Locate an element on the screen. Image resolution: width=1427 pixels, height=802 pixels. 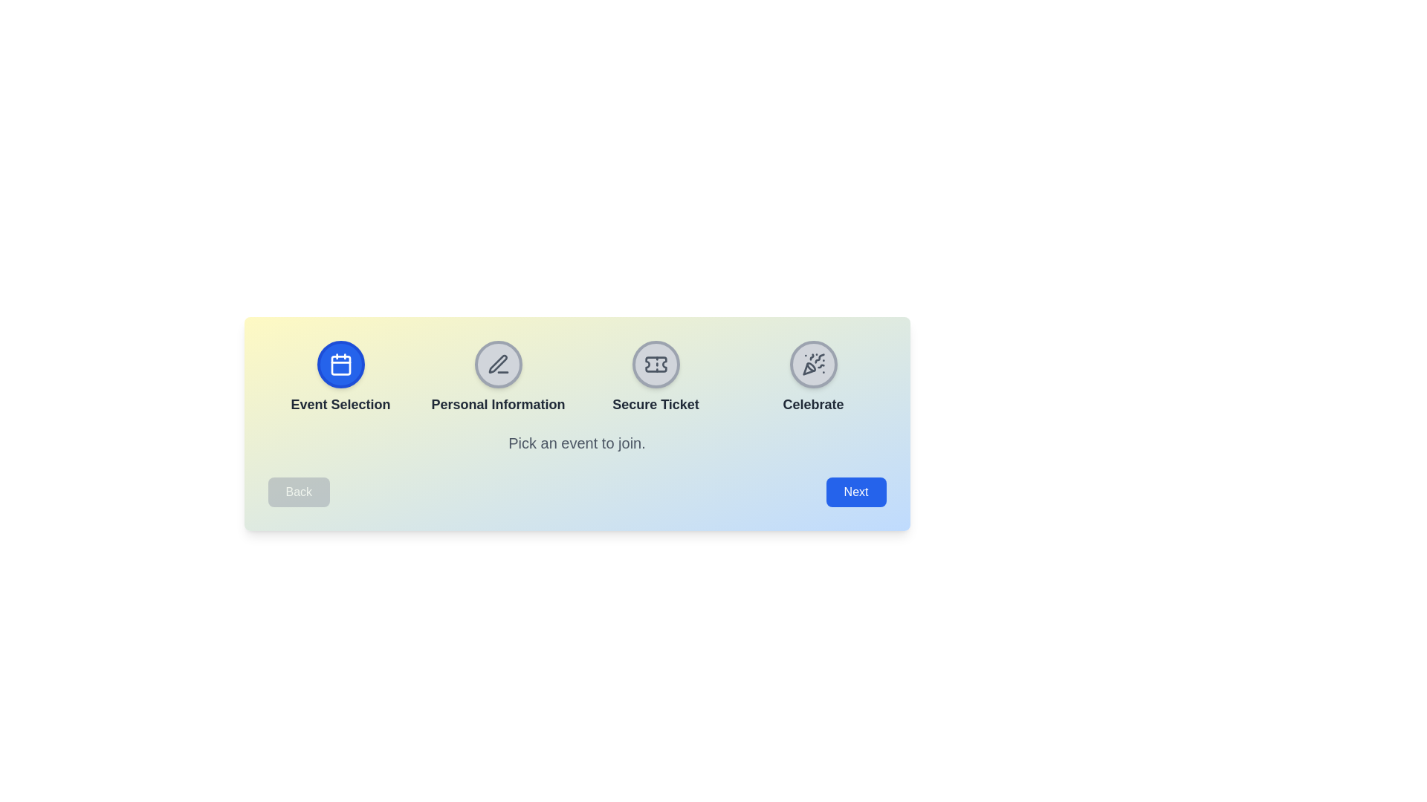
the step indicator for Personal Information to display its information is located at coordinates (498, 364).